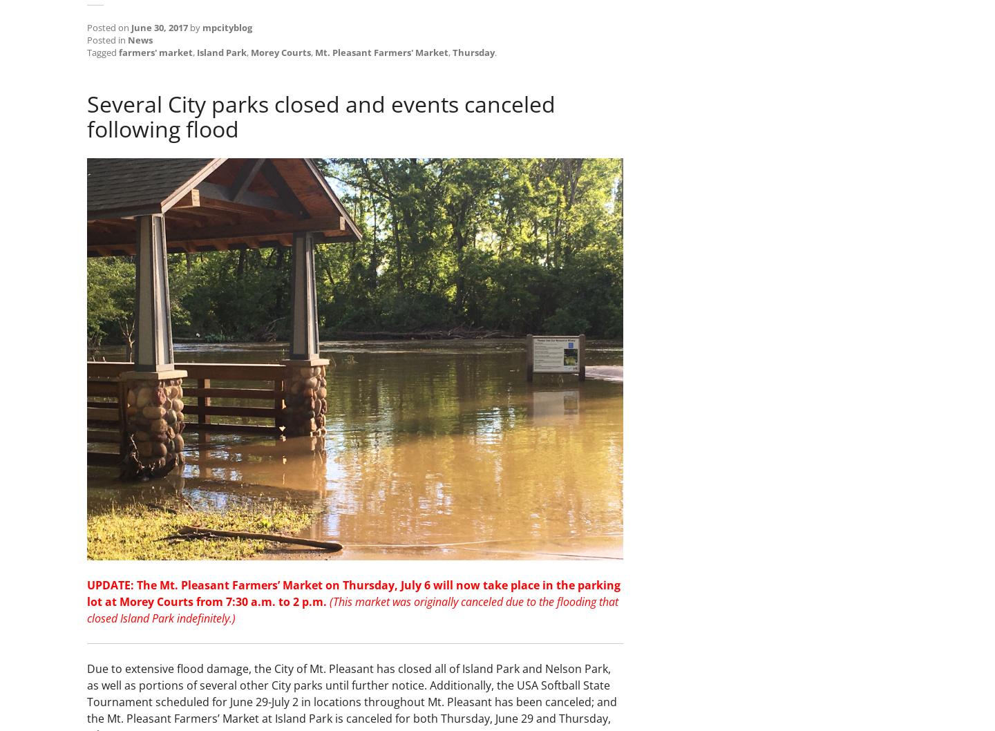  Describe the element at coordinates (106, 39) in the screenshot. I see `'Posted in'` at that location.